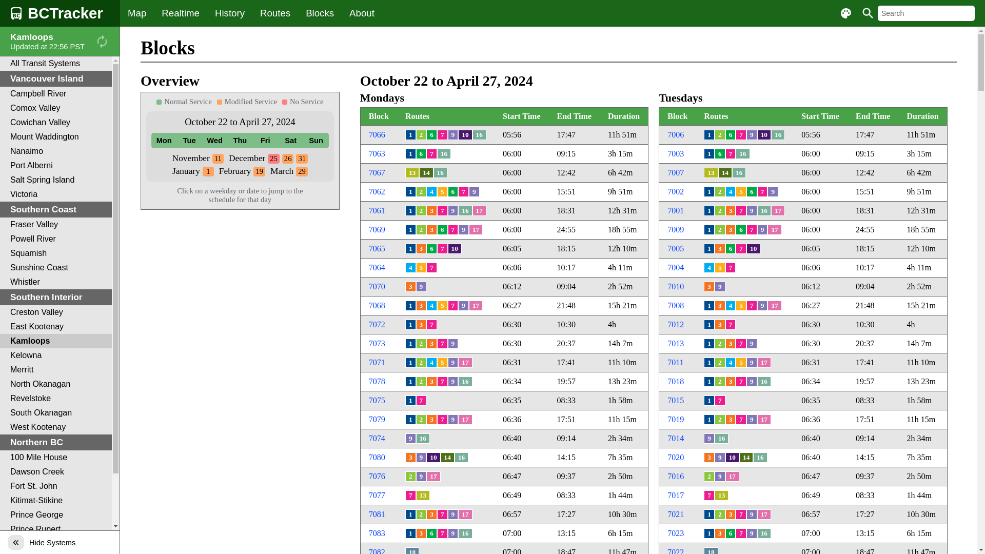 The width and height of the screenshot is (985, 554). What do you see at coordinates (741, 134) in the screenshot?
I see `'7'` at bounding box center [741, 134].